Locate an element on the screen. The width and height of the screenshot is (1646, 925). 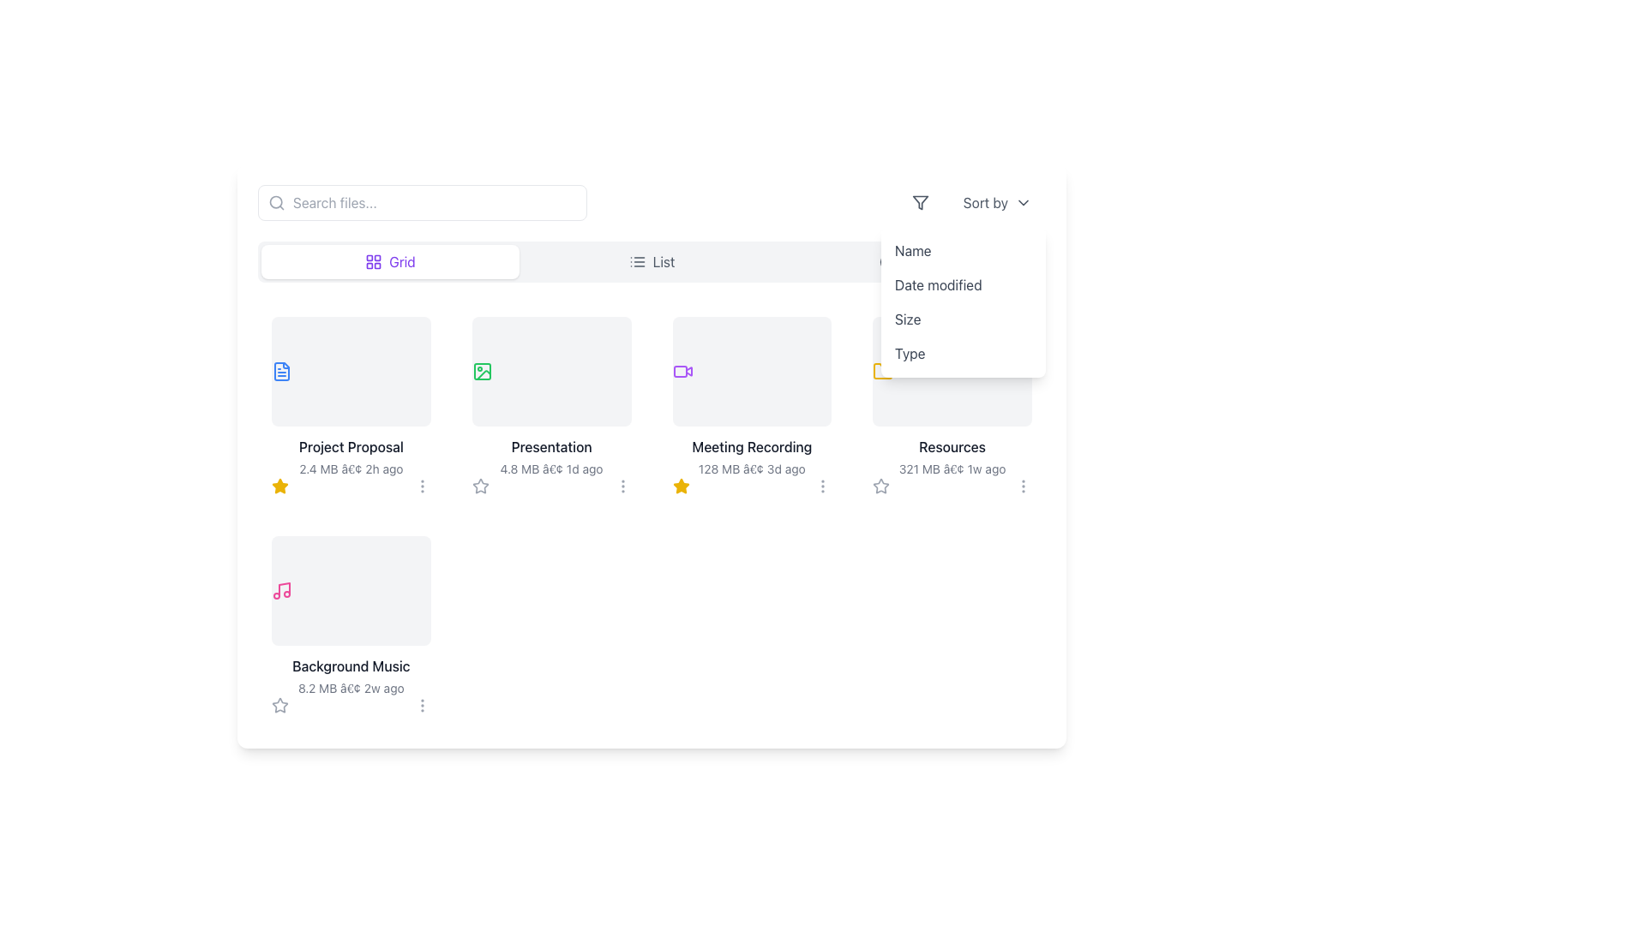
the smaller rectangular component of the video-related icon located on the left side within the purple outline in the 'Meeting Recording' file card, which is the third card from the left in the grid layout is located at coordinates (679, 371).